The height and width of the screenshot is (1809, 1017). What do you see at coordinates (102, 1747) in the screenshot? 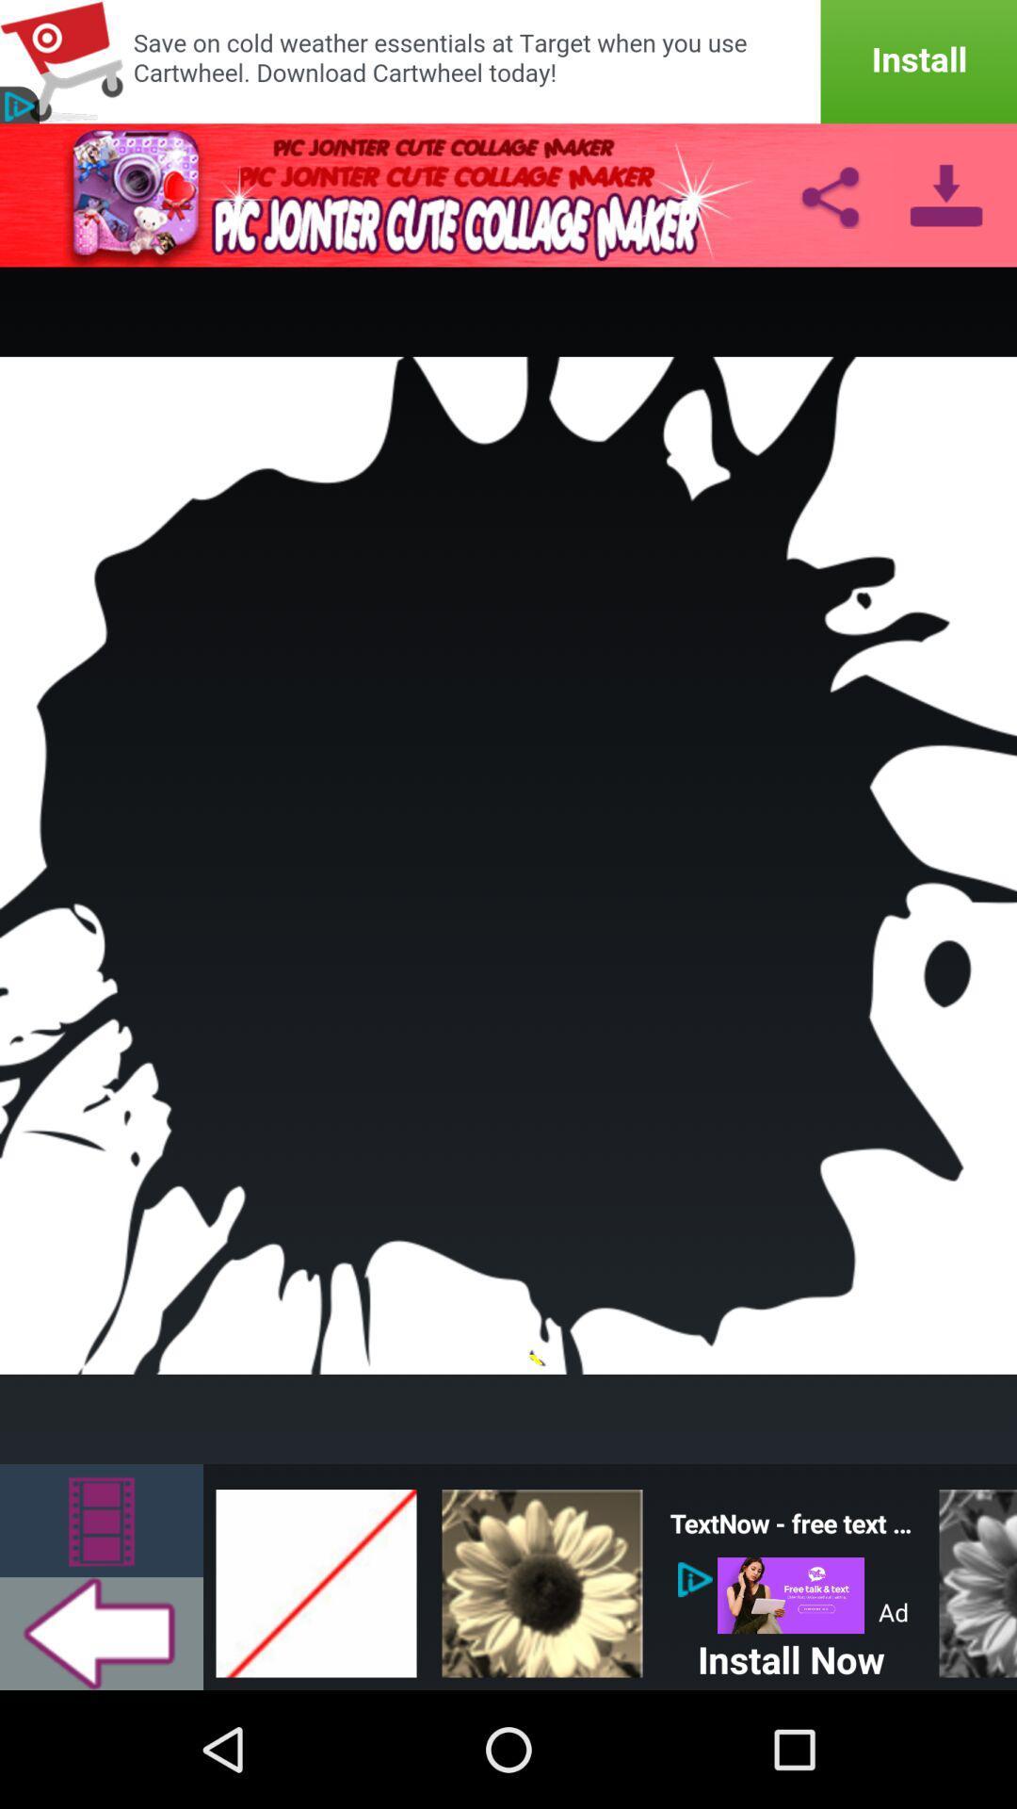
I see `the arrow_backward icon` at bounding box center [102, 1747].